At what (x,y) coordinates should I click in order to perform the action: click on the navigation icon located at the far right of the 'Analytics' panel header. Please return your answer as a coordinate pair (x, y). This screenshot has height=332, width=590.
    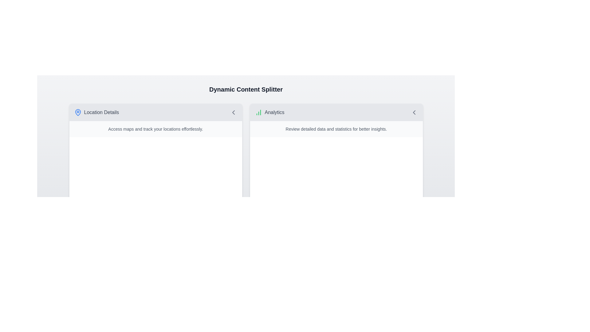
    Looking at the image, I should click on (414, 113).